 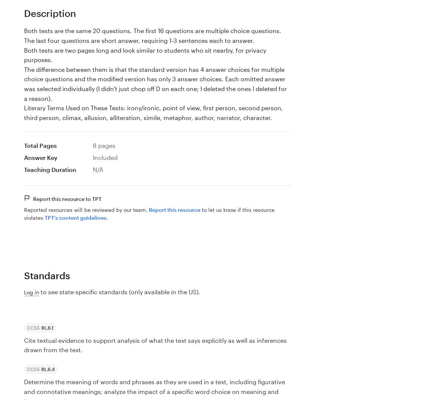 What do you see at coordinates (39, 291) in the screenshot?
I see `'to see state-specific standards (only available in the US).'` at bounding box center [39, 291].